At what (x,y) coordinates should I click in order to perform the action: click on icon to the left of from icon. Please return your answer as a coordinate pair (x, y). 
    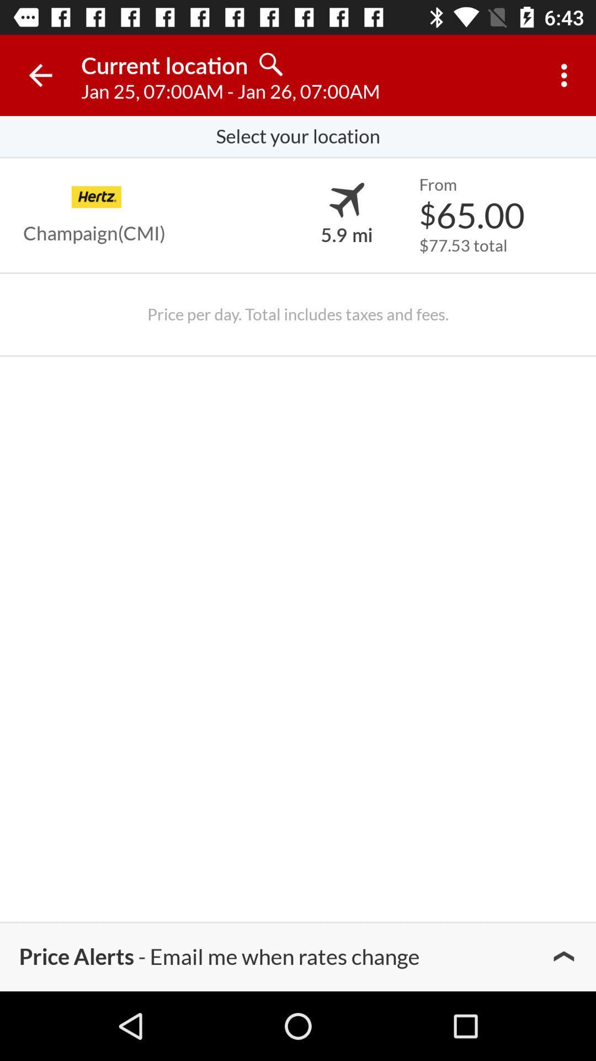
    Looking at the image, I should click on (346, 200).